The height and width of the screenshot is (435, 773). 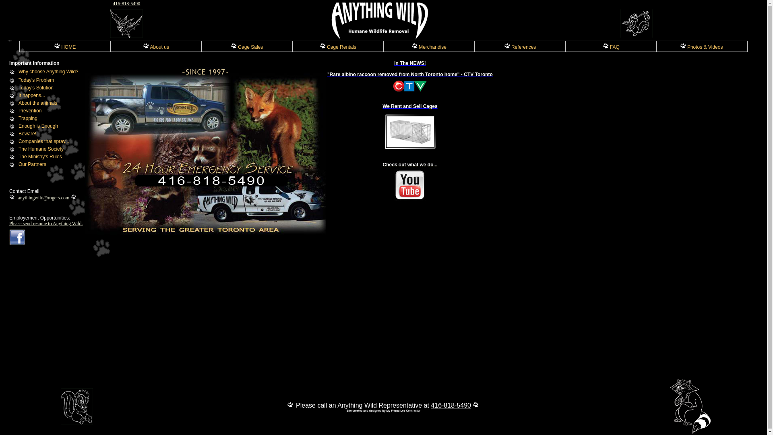 I want to click on 'About the animals', so click(x=37, y=102).